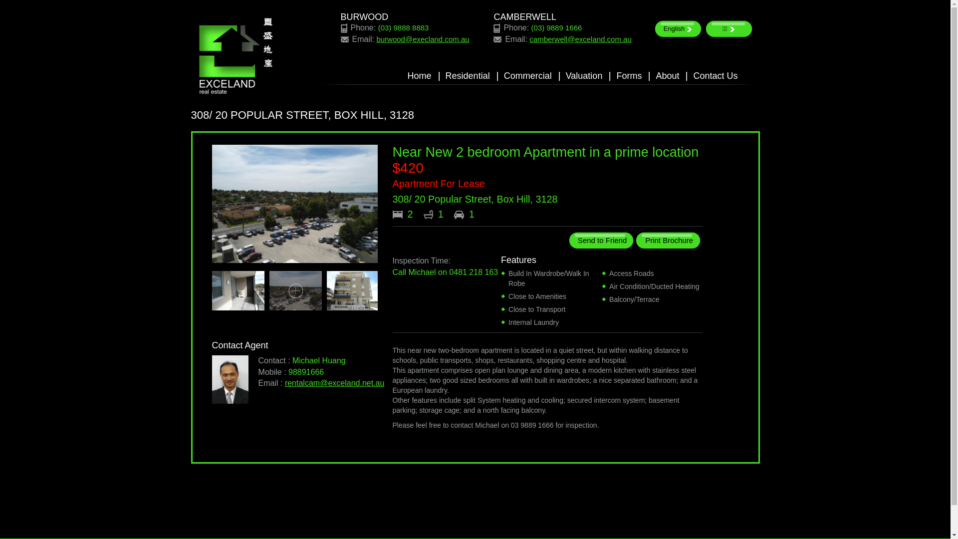 The width and height of the screenshot is (958, 539). I want to click on 'Commercial', so click(527, 76).